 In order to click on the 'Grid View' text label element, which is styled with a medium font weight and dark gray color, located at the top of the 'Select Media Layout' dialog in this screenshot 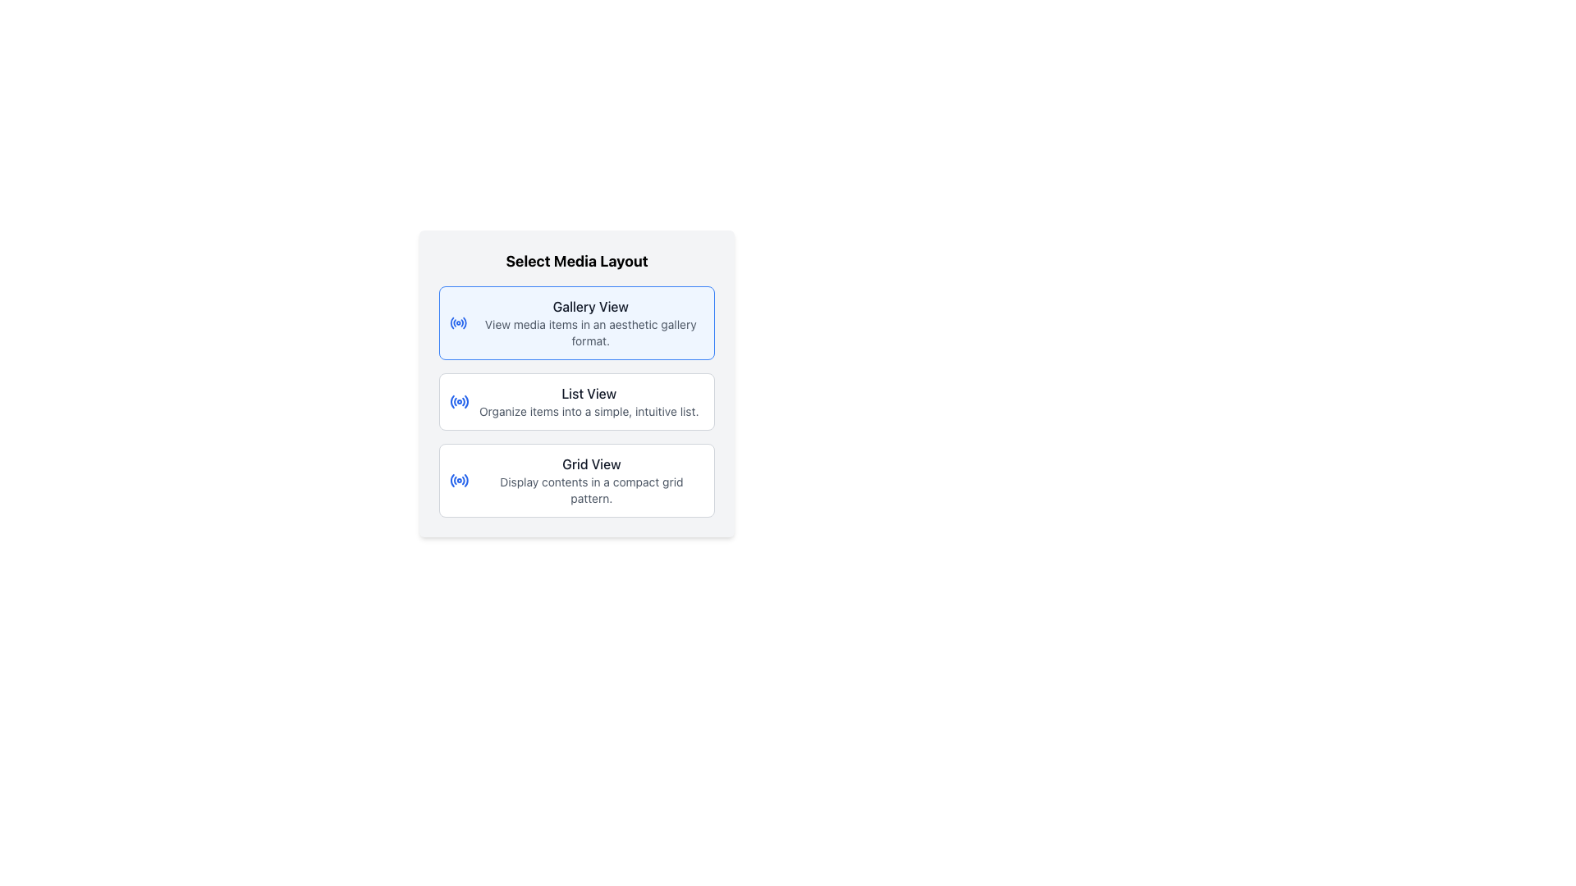, I will do `click(591, 464)`.